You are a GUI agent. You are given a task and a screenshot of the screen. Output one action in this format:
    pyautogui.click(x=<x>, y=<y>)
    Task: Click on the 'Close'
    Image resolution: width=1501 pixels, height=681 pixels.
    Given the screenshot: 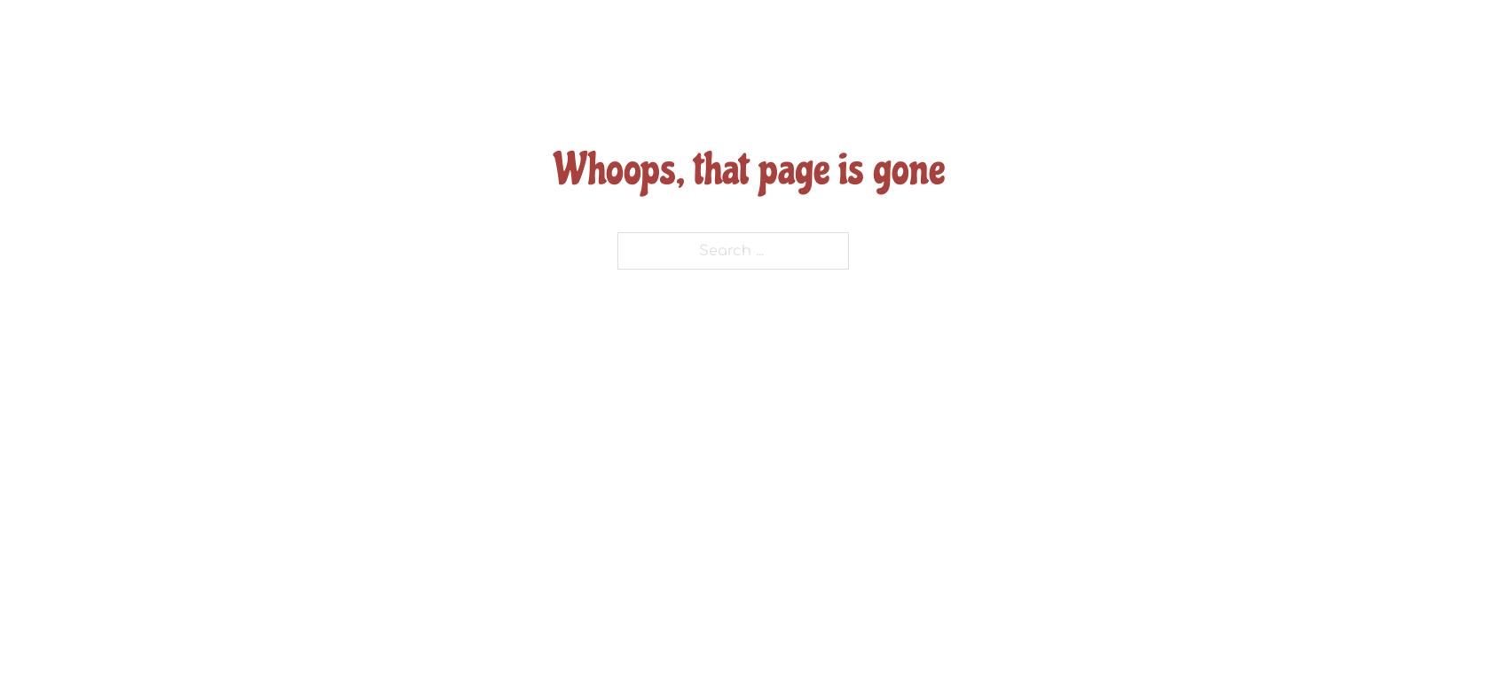 What is the action you would take?
    pyautogui.click(x=1168, y=22)
    